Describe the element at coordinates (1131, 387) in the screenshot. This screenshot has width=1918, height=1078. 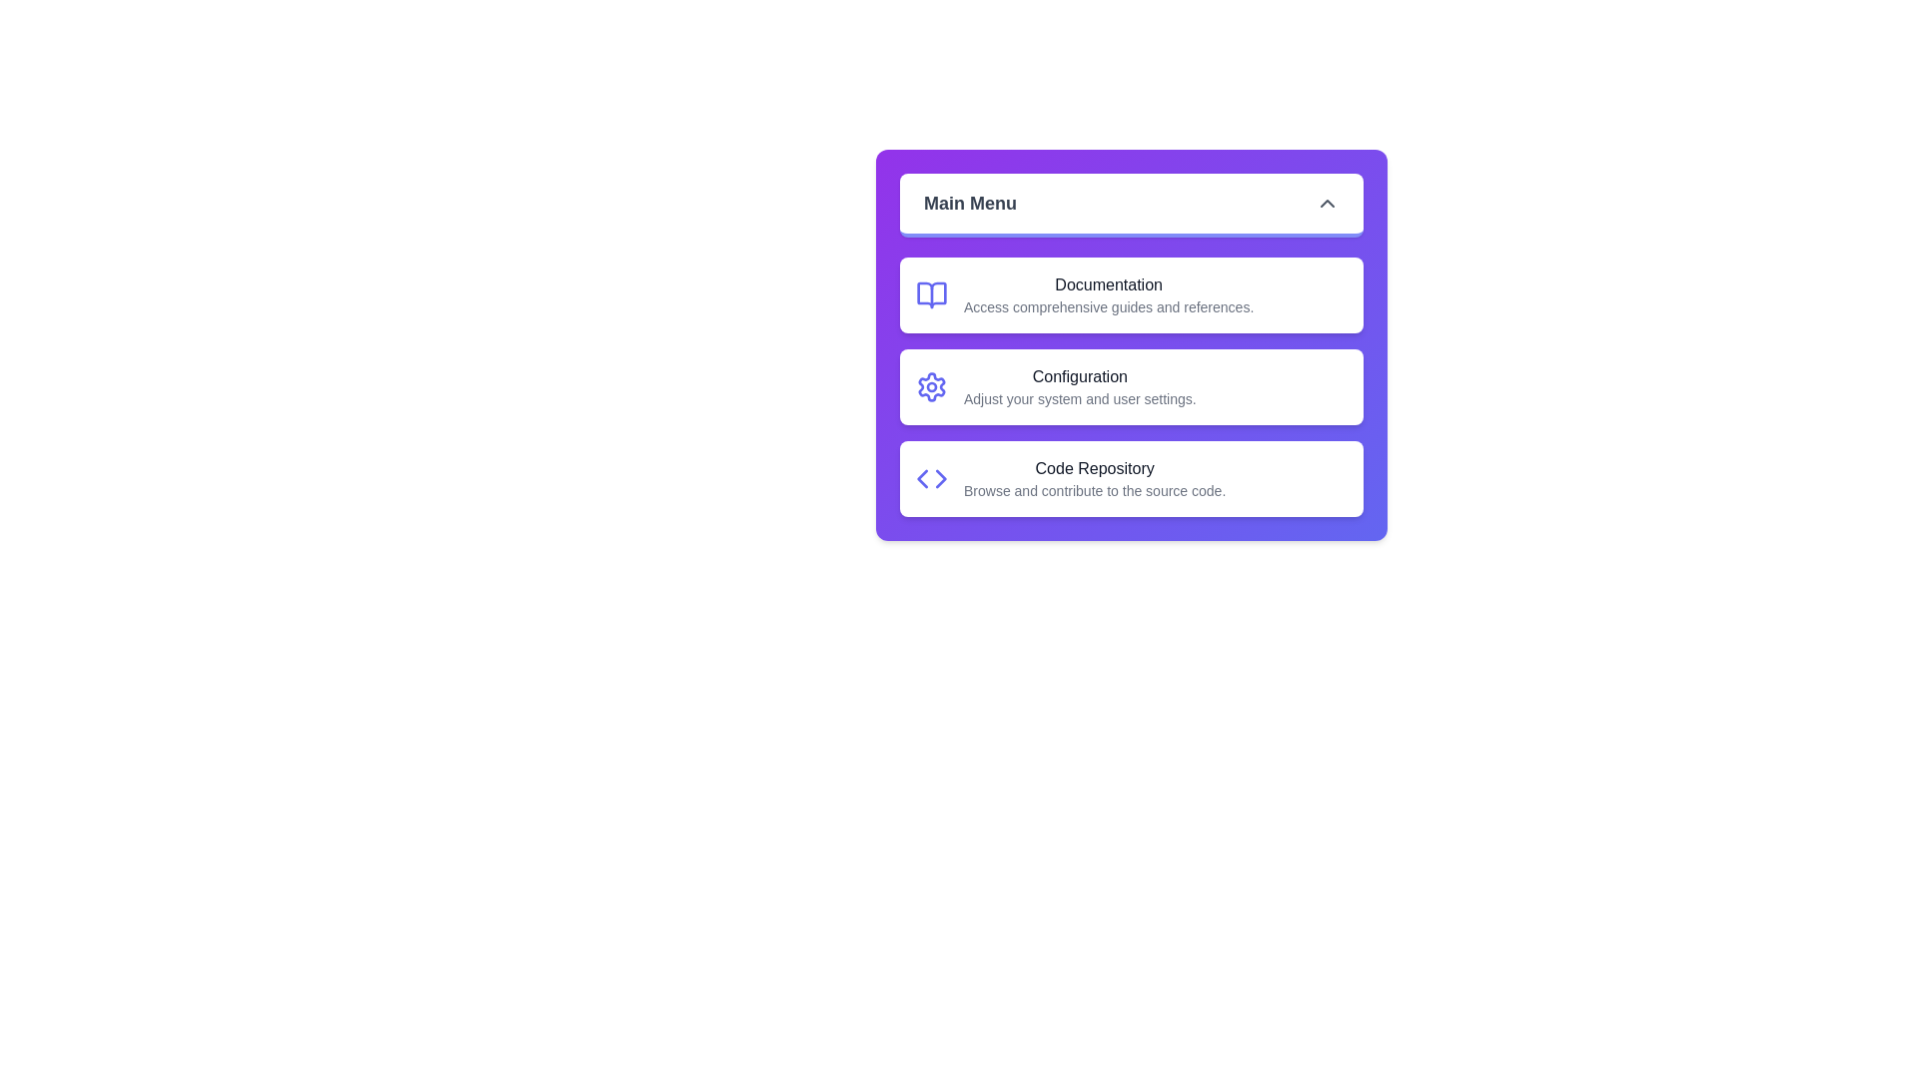
I see `the menu item Configuration from the list` at that location.